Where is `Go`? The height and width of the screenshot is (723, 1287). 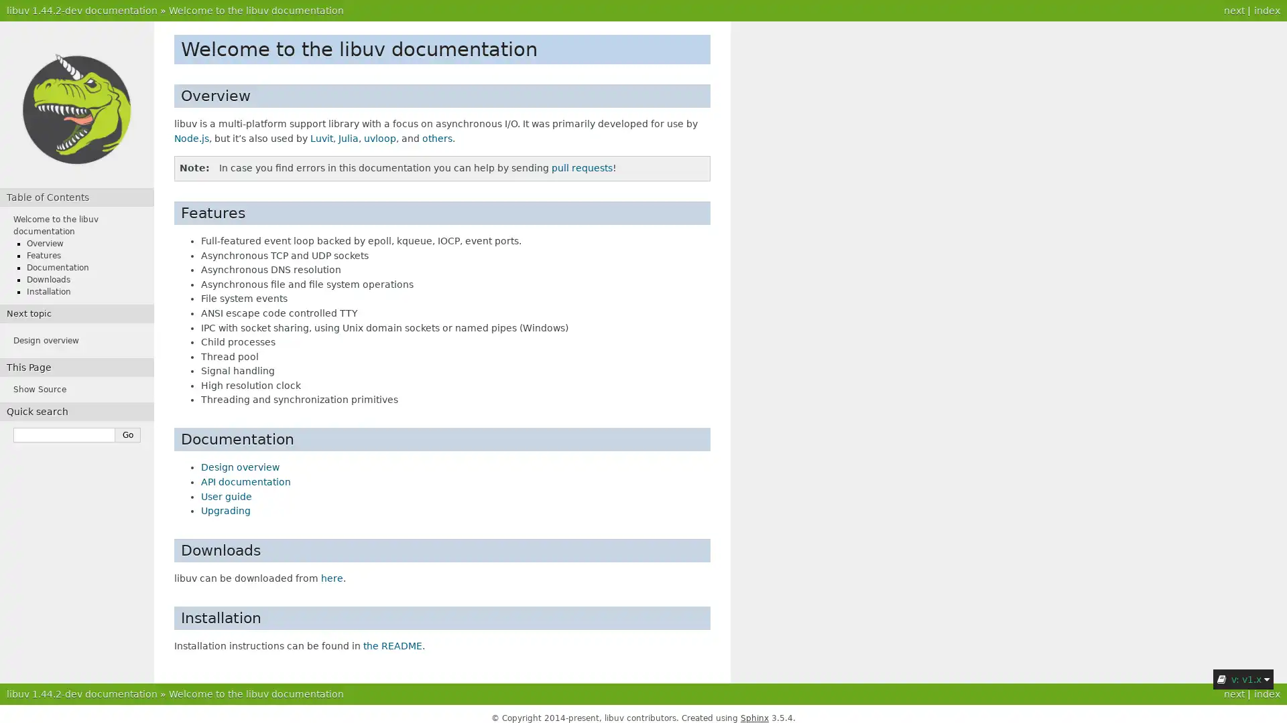
Go is located at coordinates (128, 435).